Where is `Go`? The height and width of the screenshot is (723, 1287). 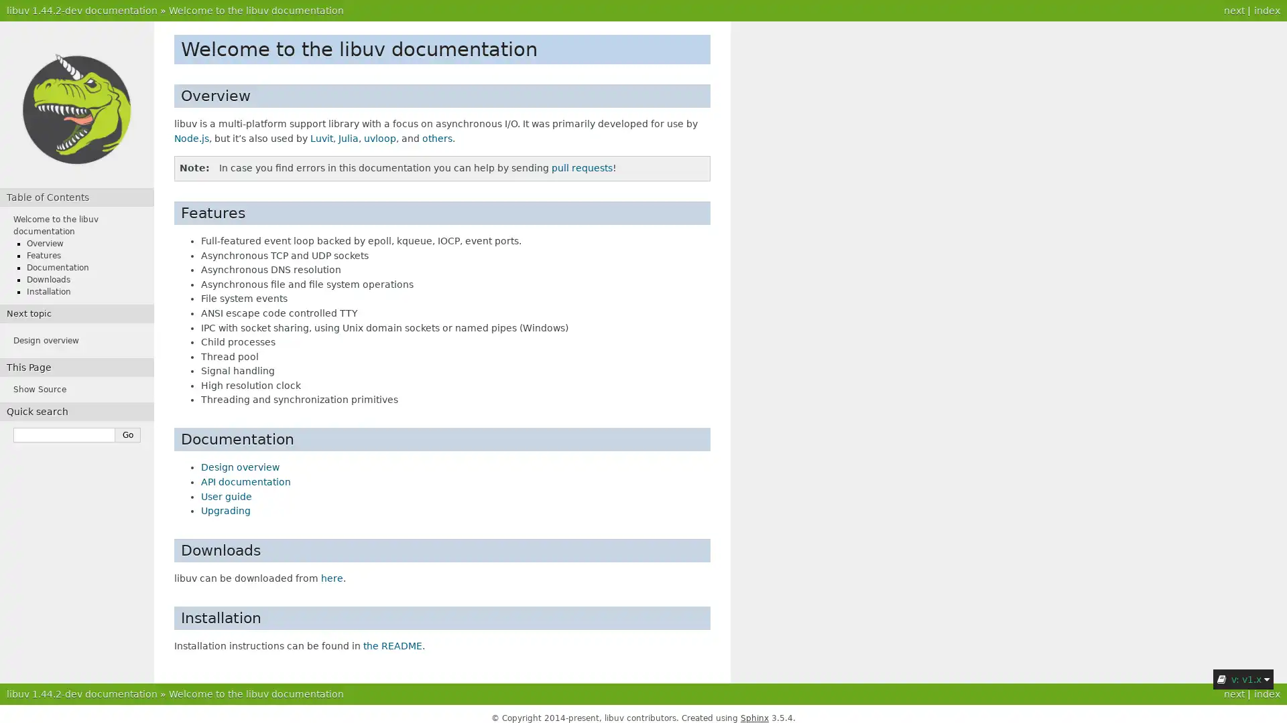
Go is located at coordinates (128, 435).